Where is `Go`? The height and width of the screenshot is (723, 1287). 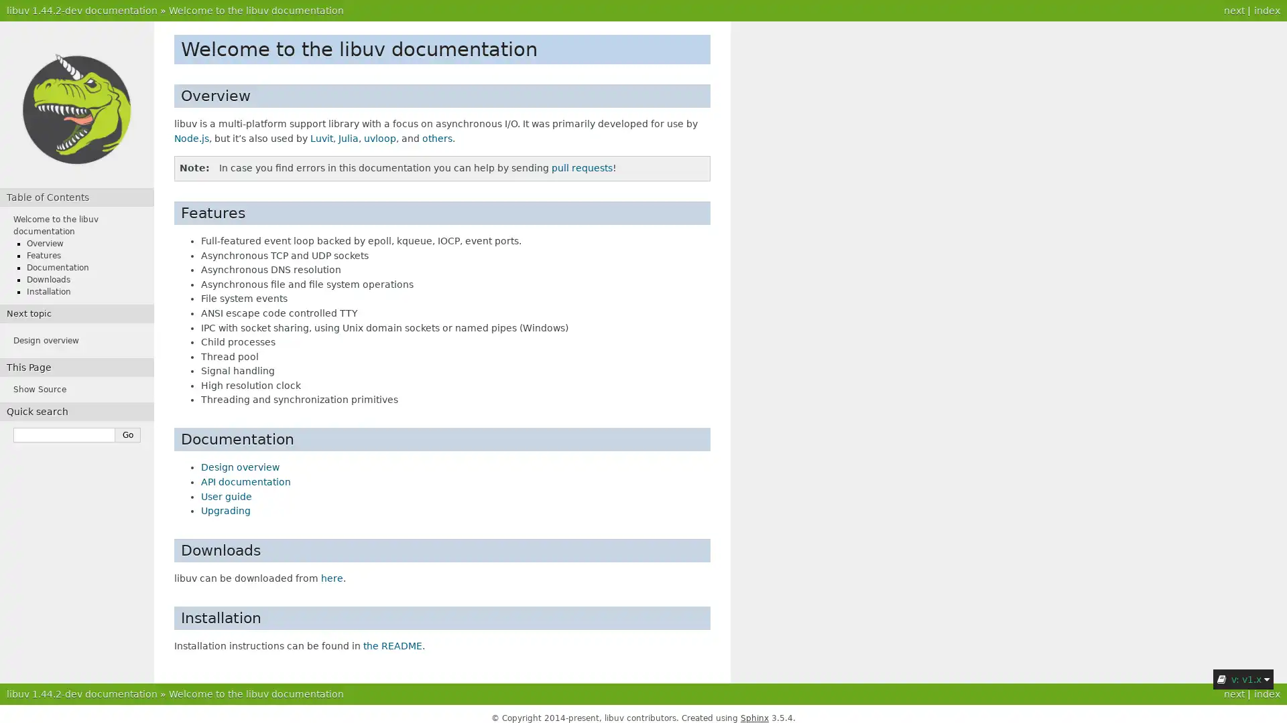
Go is located at coordinates (128, 435).